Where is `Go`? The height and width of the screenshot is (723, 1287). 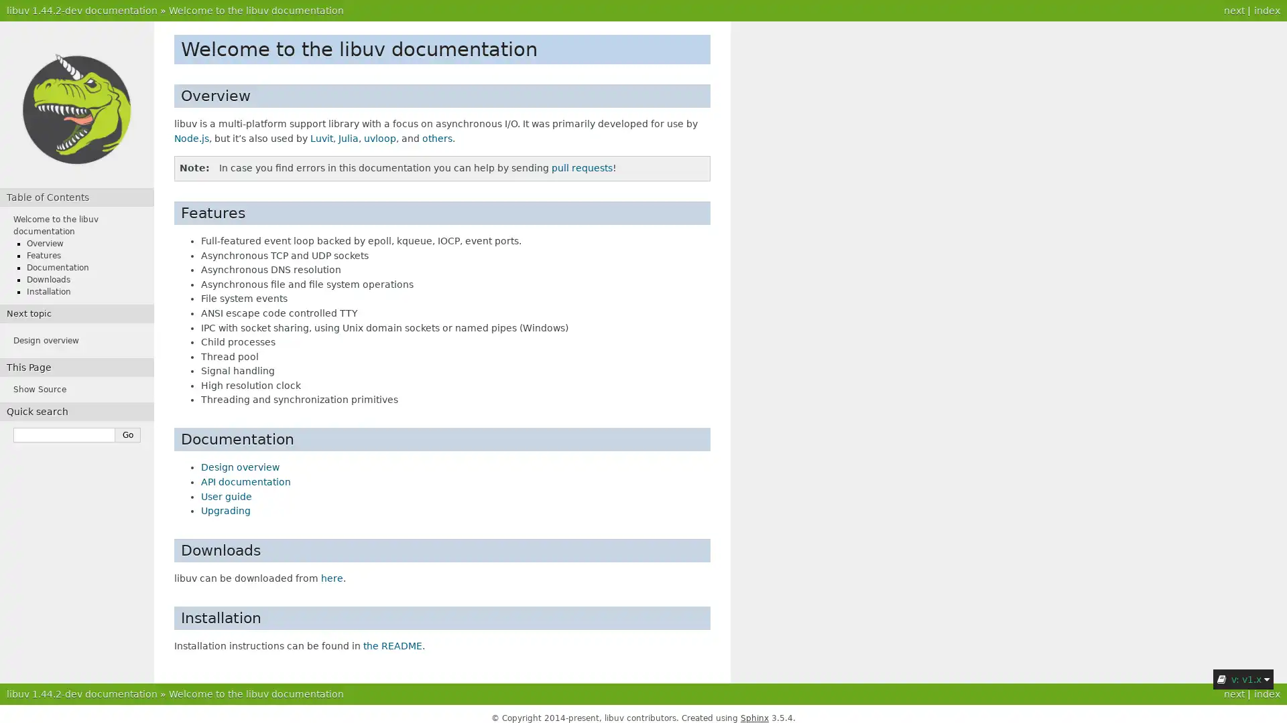
Go is located at coordinates (128, 435).